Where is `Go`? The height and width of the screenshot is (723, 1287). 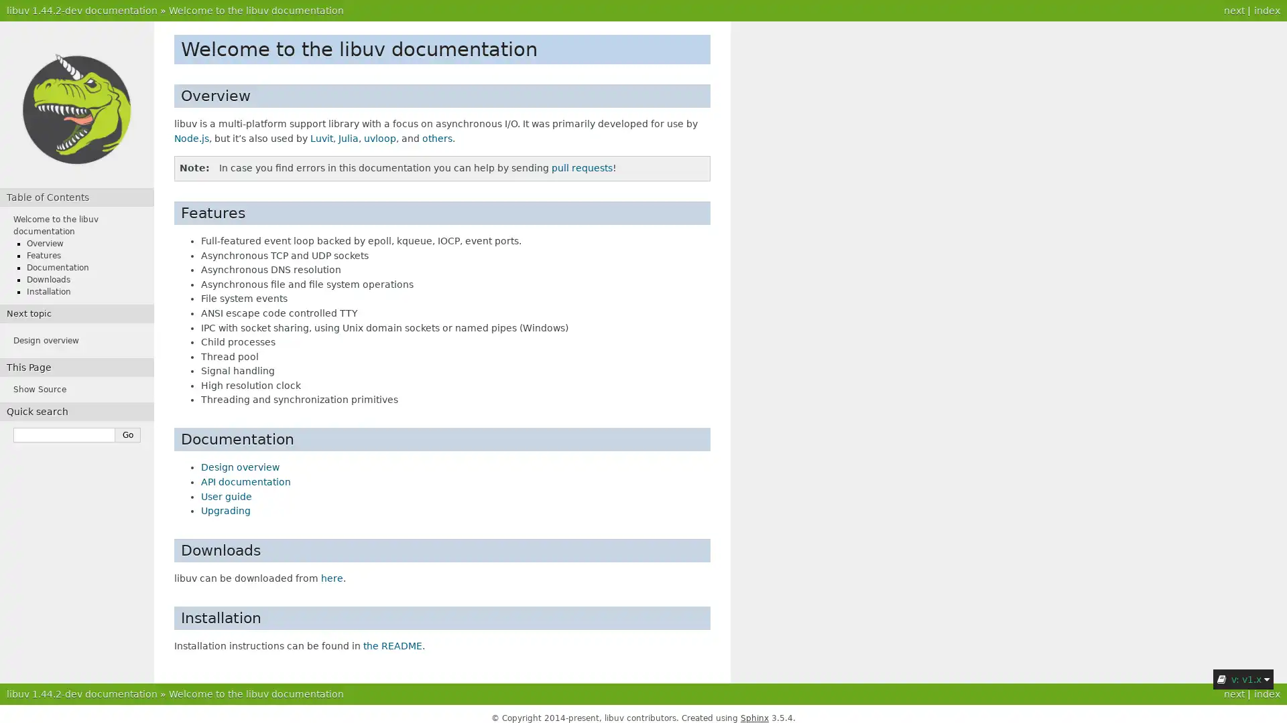
Go is located at coordinates (128, 435).